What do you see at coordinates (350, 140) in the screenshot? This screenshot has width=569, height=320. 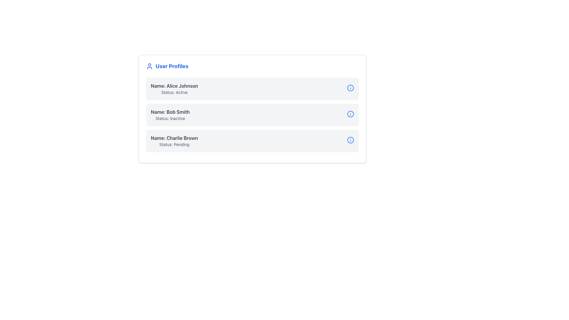 I see `the informational icon button located at the far right of the last user profile entry, which is aligned horizontally with 'Name: Charlie Brown'` at bounding box center [350, 140].